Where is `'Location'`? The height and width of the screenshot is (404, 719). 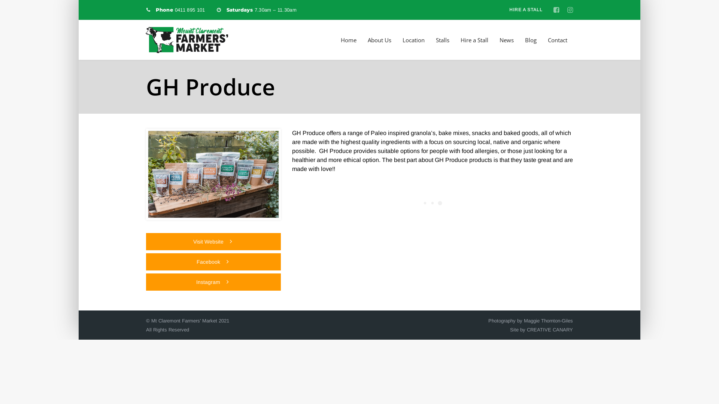
'Location' is located at coordinates (413, 40).